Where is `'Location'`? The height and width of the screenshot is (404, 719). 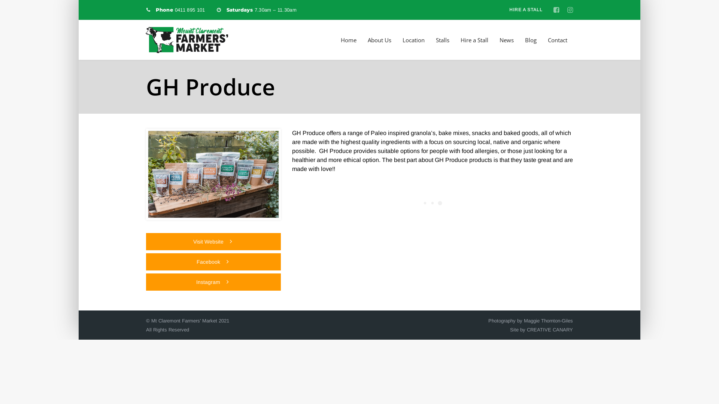
'Location' is located at coordinates (413, 40).